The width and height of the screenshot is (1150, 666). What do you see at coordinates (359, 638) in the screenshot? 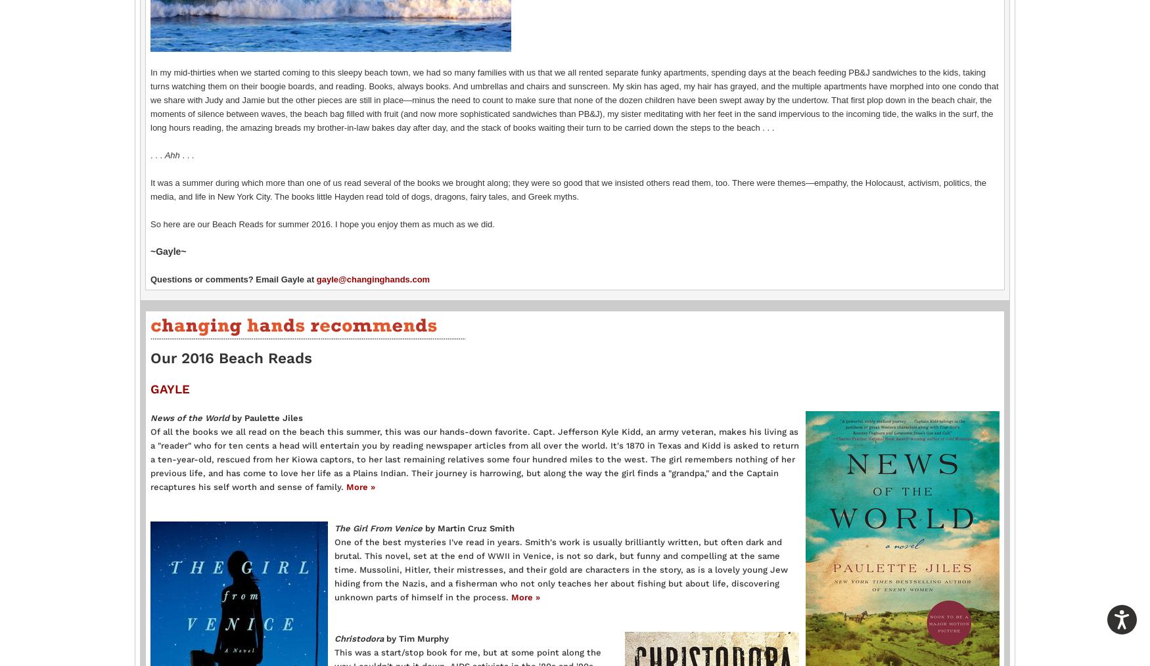
I see `'Christodora'` at bounding box center [359, 638].